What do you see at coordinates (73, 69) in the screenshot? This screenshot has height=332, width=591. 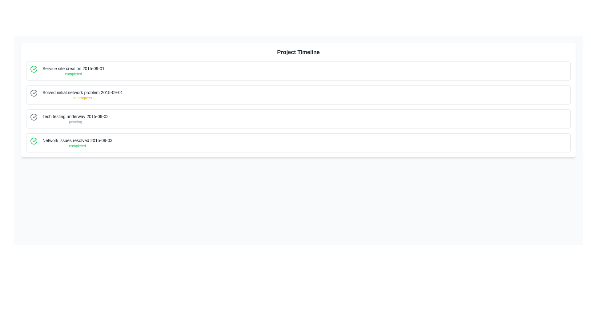 I see `the text element displaying 'Service site creation 2015-09-01' in the 'Project Timeline' section` at bounding box center [73, 69].